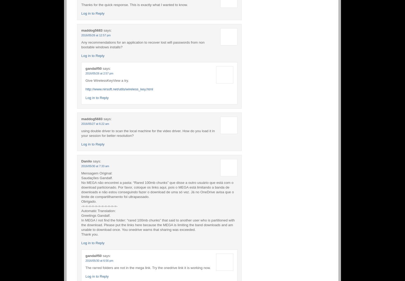 The image size is (405, 281). What do you see at coordinates (96, 34) in the screenshot?
I see `'2016/05/26 at 12:57 pm'` at bounding box center [96, 34].